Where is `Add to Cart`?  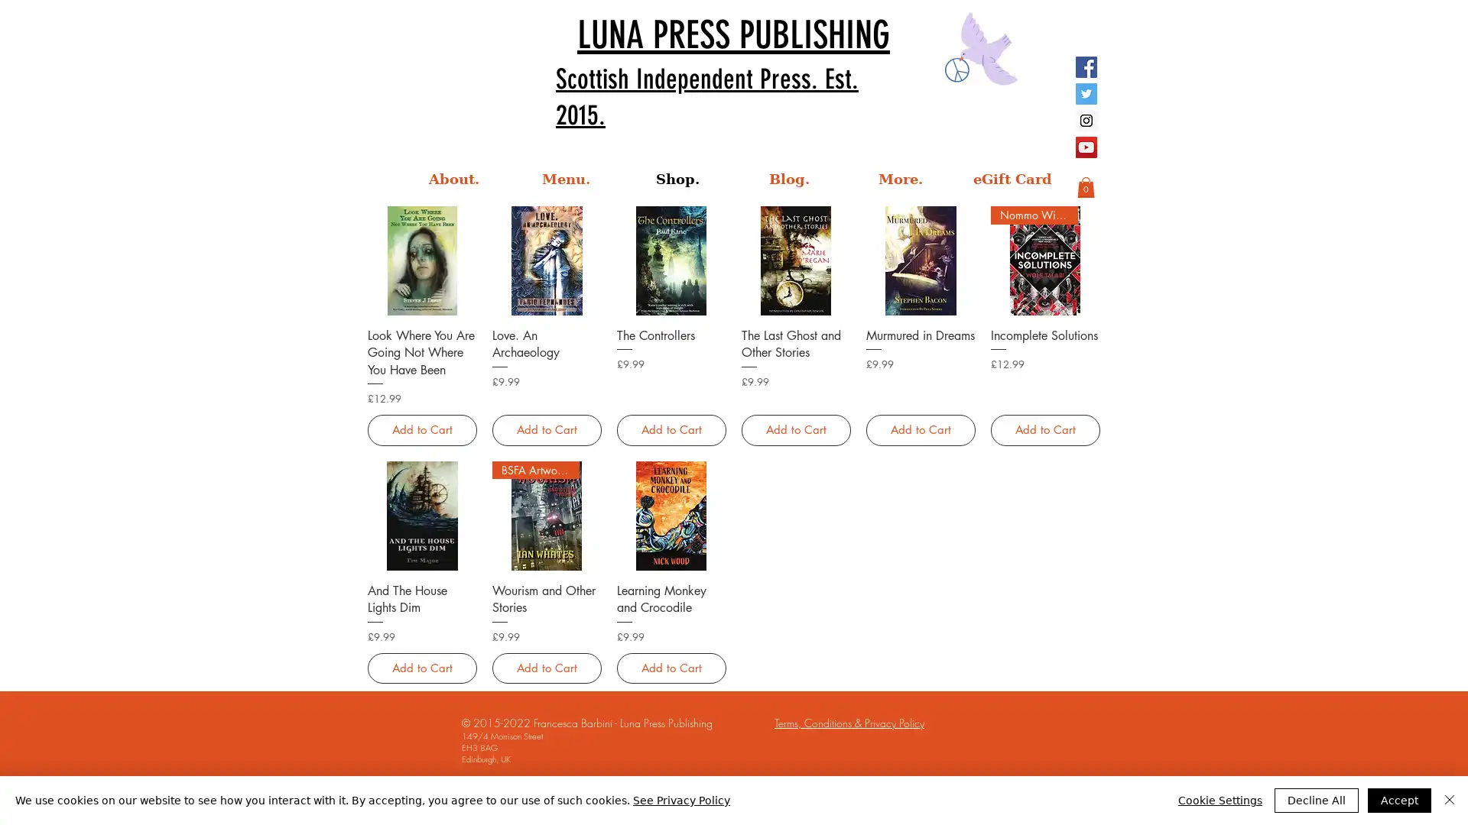 Add to Cart is located at coordinates (422, 667).